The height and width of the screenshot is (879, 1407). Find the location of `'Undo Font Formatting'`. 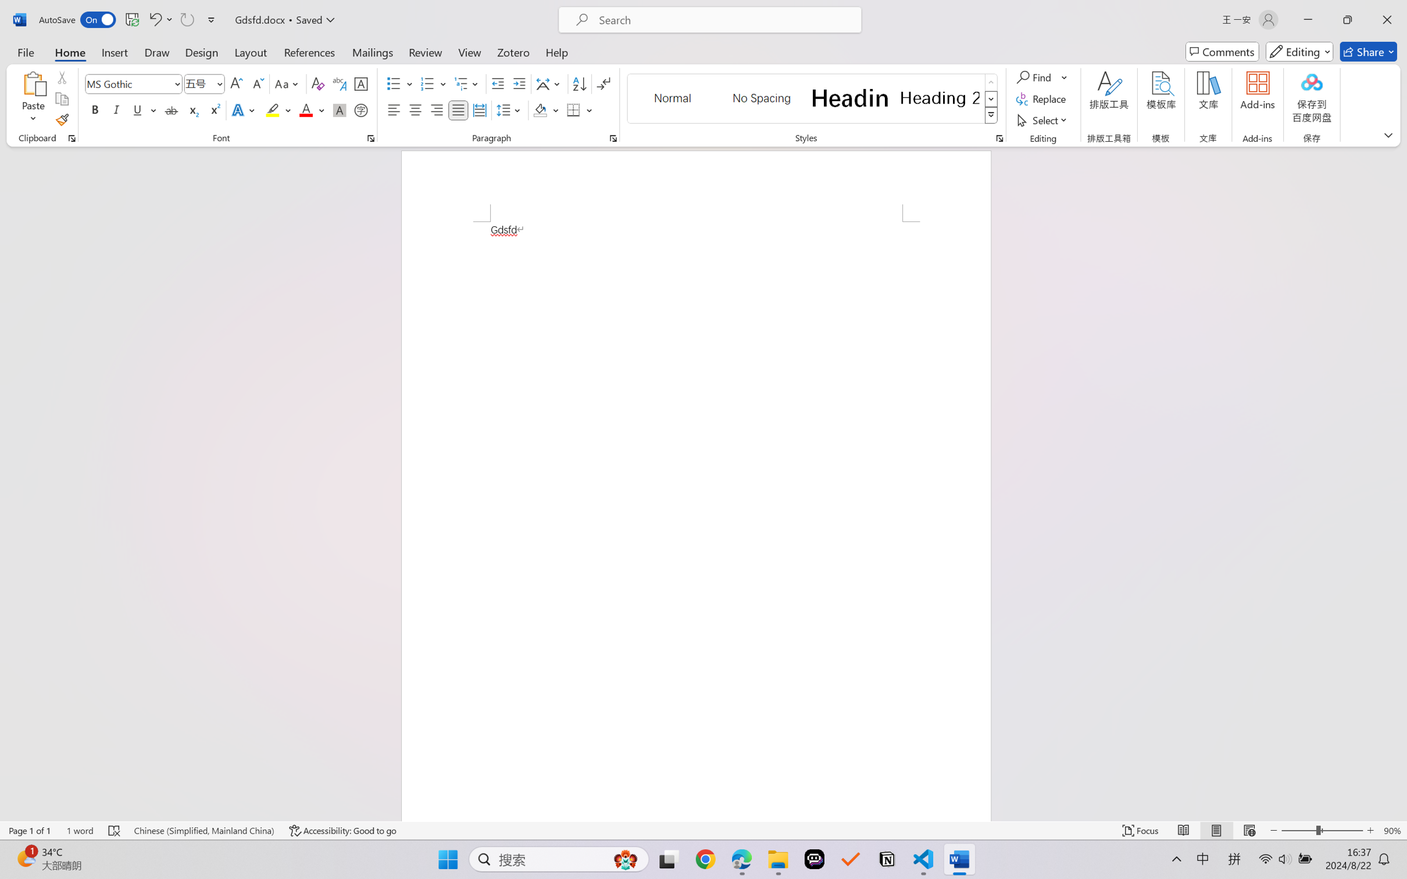

'Undo Font Formatting' is located at coordinates (154, 19).